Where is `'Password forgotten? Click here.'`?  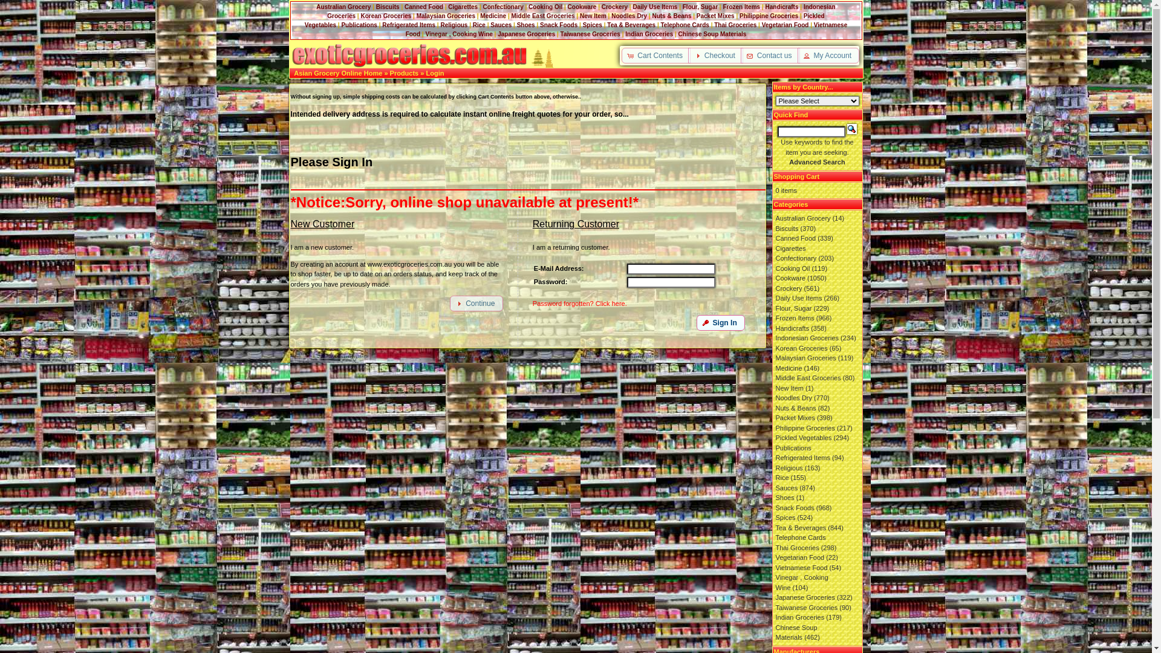
'Password forgotten? Click here.' is located at coordinates (579, 302).